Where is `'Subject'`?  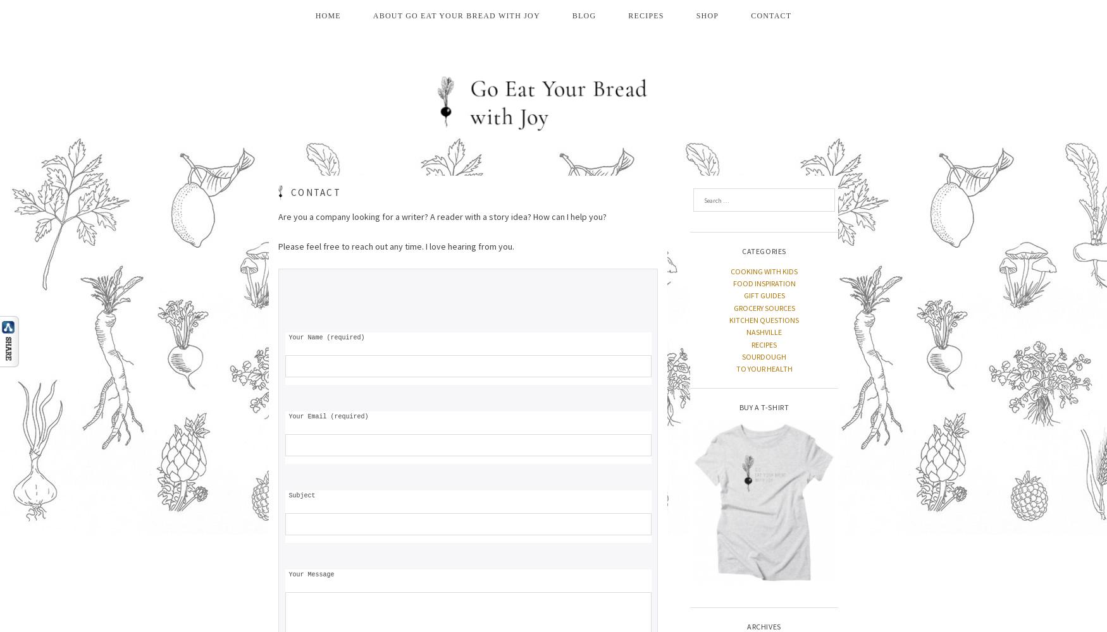
'Subject' is located at coordinates (300, 495).